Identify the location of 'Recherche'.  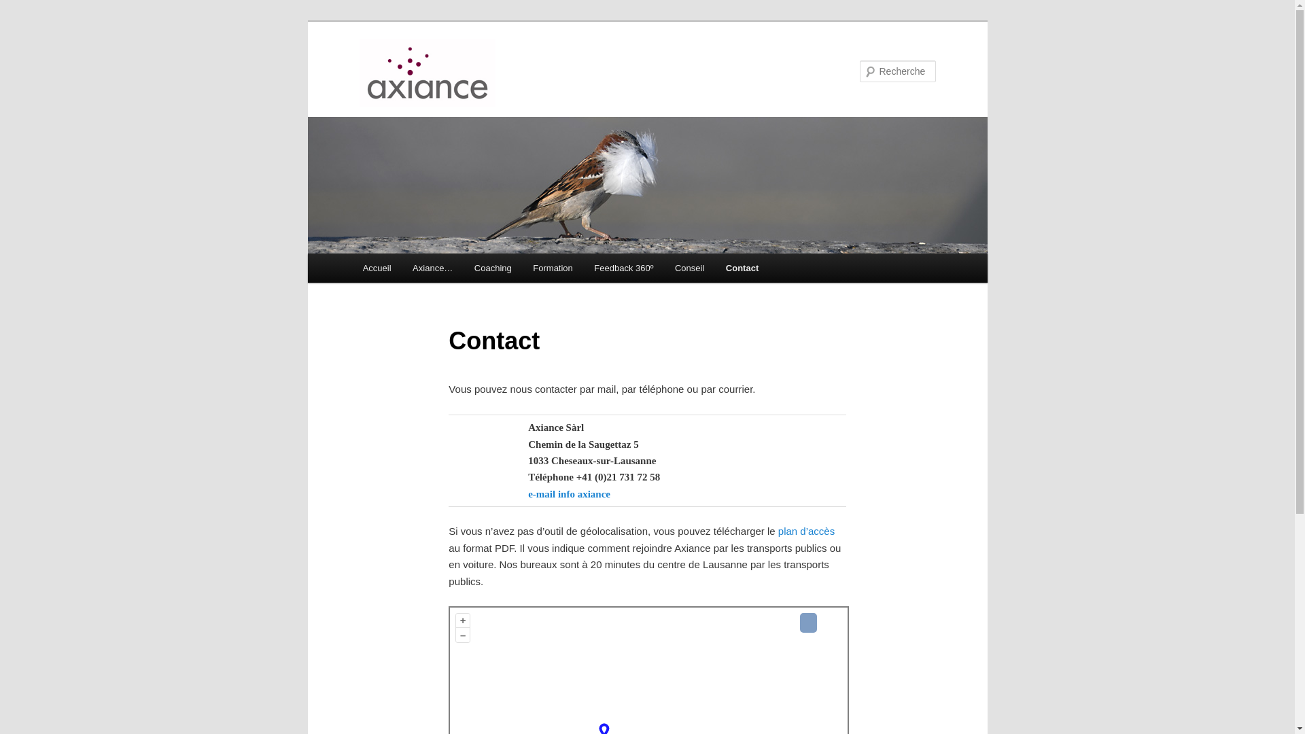
(30, 7).